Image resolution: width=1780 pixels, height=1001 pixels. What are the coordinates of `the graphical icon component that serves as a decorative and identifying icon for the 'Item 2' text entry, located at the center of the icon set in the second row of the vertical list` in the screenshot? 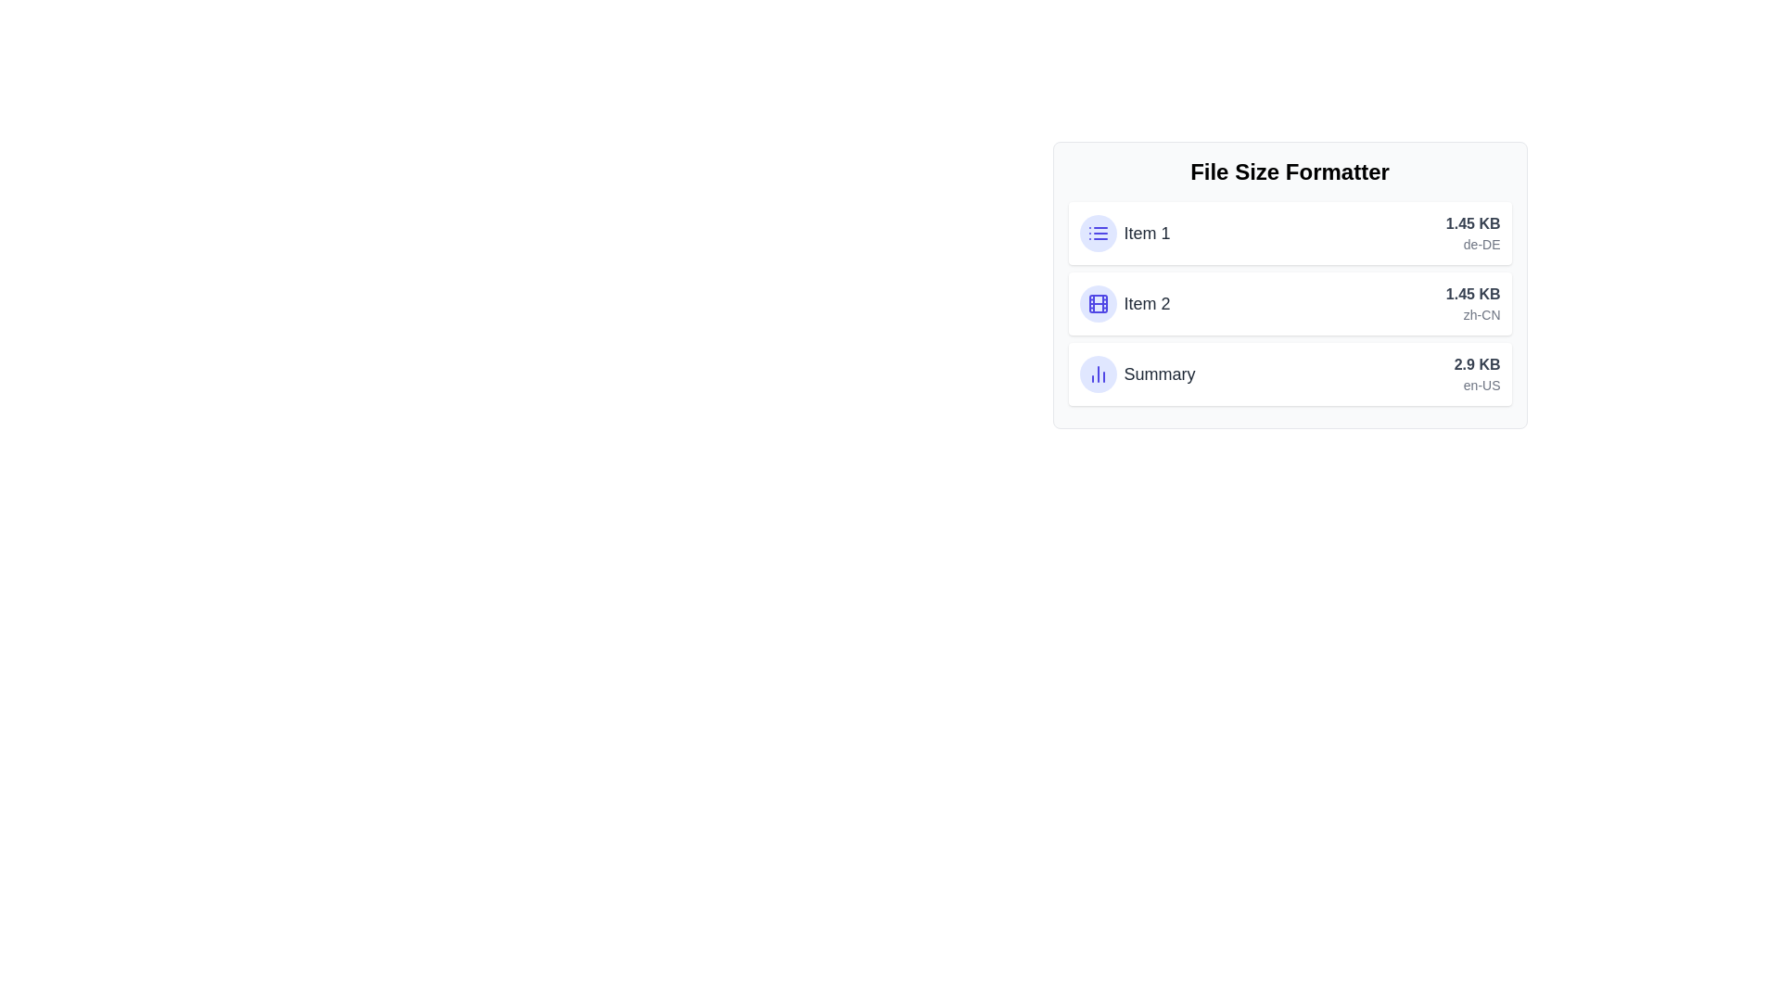 It's located at (1098, 302).